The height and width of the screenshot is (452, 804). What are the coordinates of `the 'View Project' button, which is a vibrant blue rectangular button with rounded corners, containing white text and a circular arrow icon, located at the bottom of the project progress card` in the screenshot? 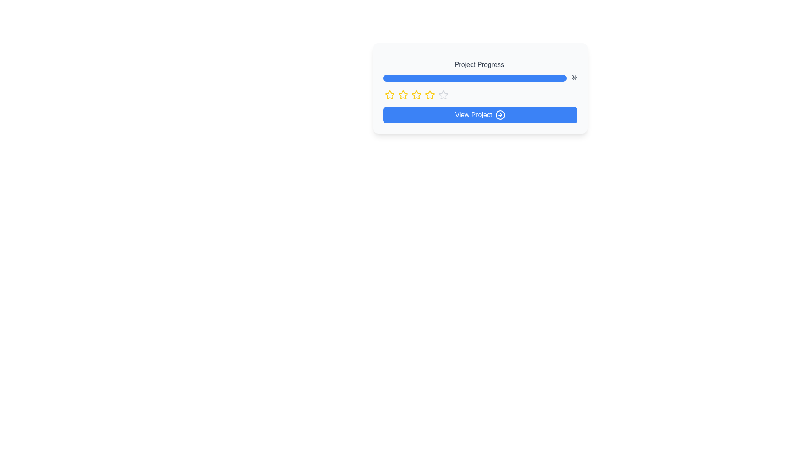 It's located at (480, 115).